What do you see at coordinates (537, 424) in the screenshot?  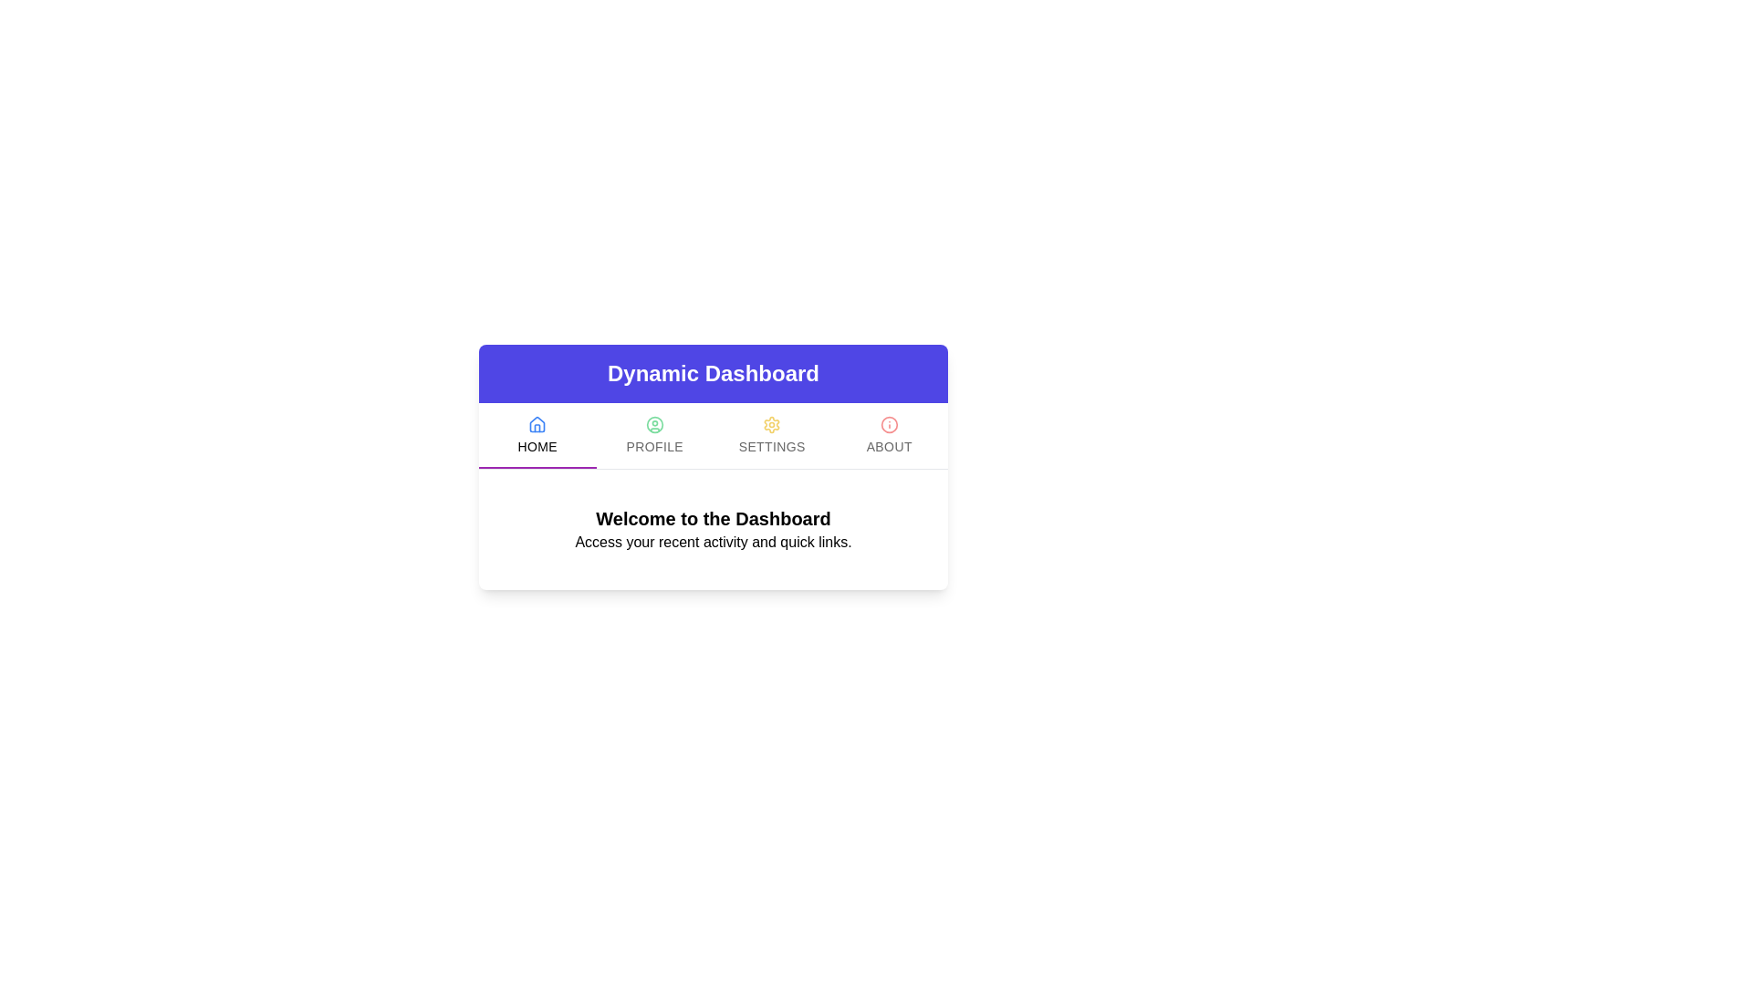 I see `the stylized house icon with a blue outline located within the 'HOME' tab of the navigation bar` at bounding box center [537, 424].